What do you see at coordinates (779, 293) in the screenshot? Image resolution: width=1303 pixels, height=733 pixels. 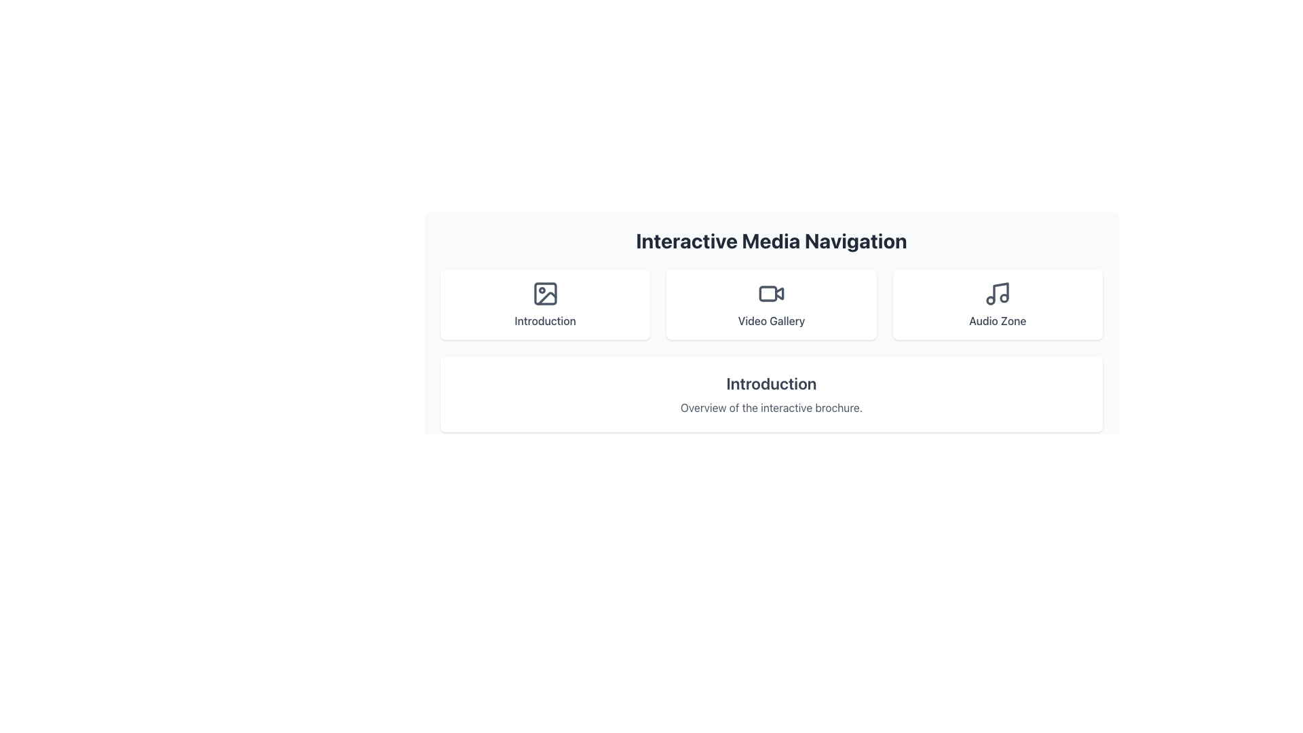 I see `the central triangular play icon of the 'Video Gallery' button, which is positioned between the 'Introduction' and 'Audio Zone' buttons` at bounding box center [779, 293].